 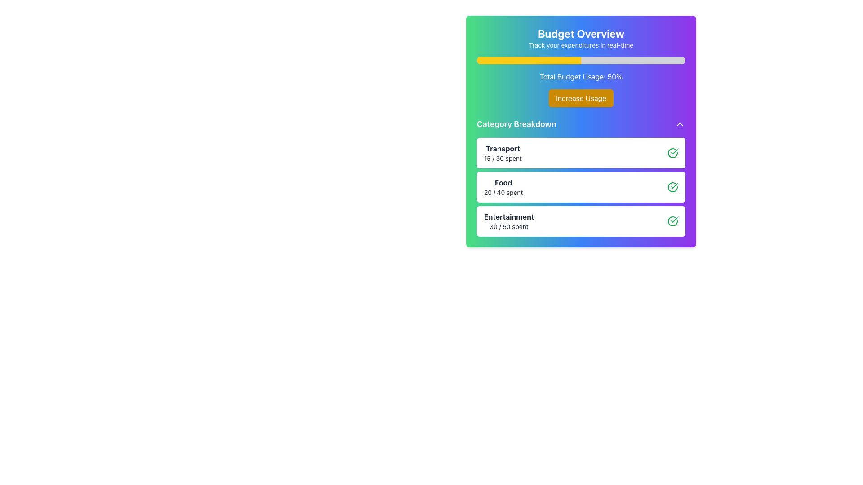 I want to click on information displayed in the 'Transport' section of the Information display, which shows '15 / 30 spent', so click(x=581, y=152).